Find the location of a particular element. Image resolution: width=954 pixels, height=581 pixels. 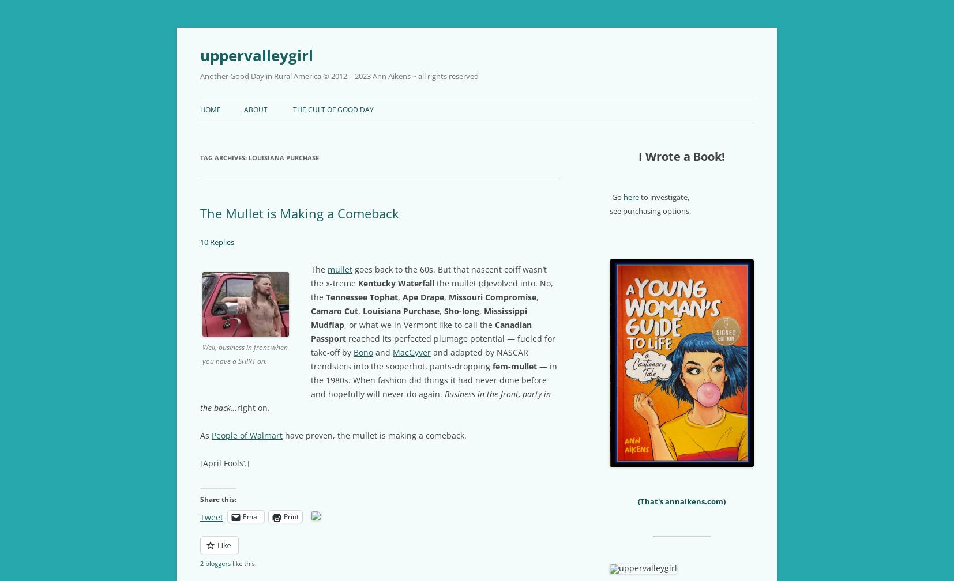

'Tweet' is located at coordinates (211, 517).